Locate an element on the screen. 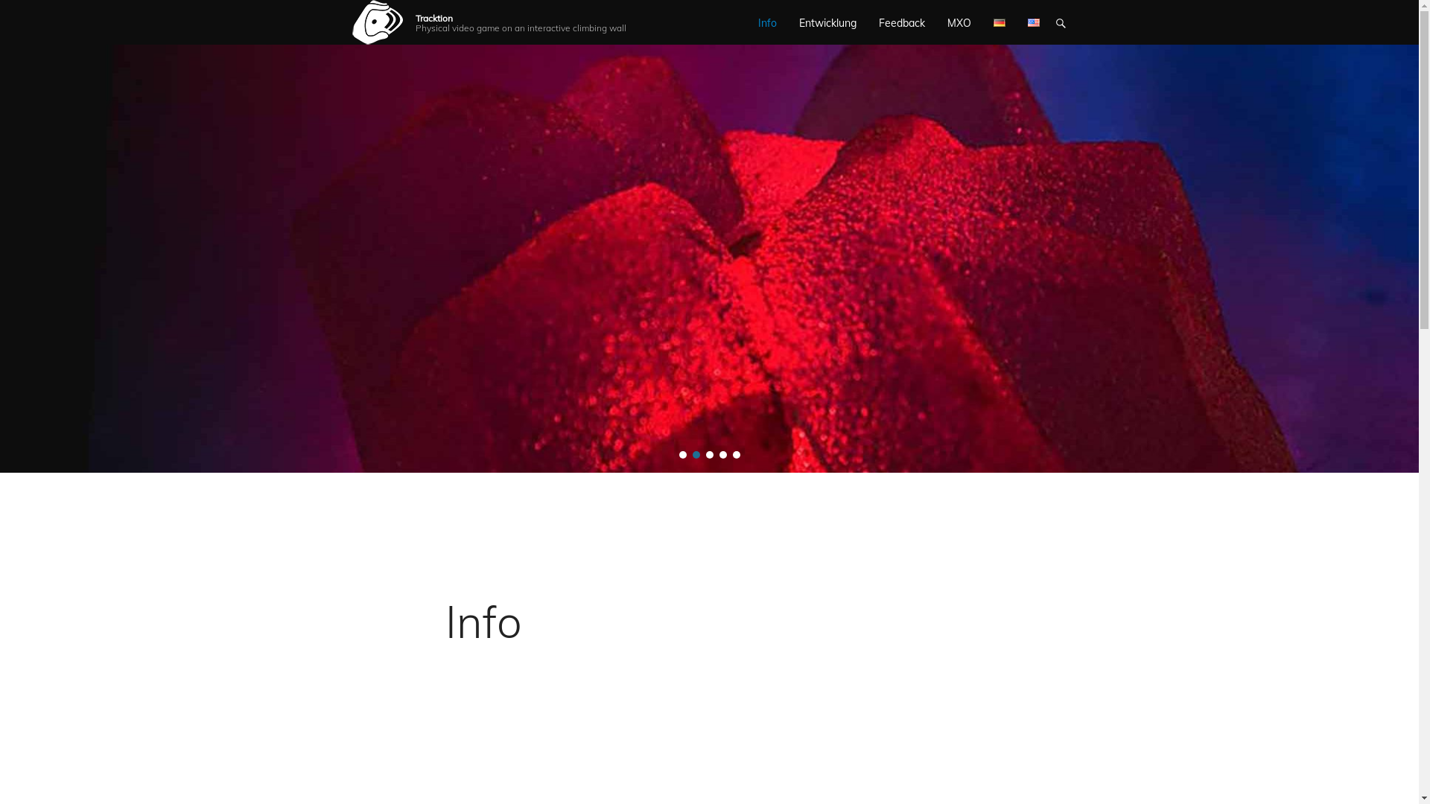 The image size is (1430, 804). 'Feedback' is located at coordinates (900, 22).